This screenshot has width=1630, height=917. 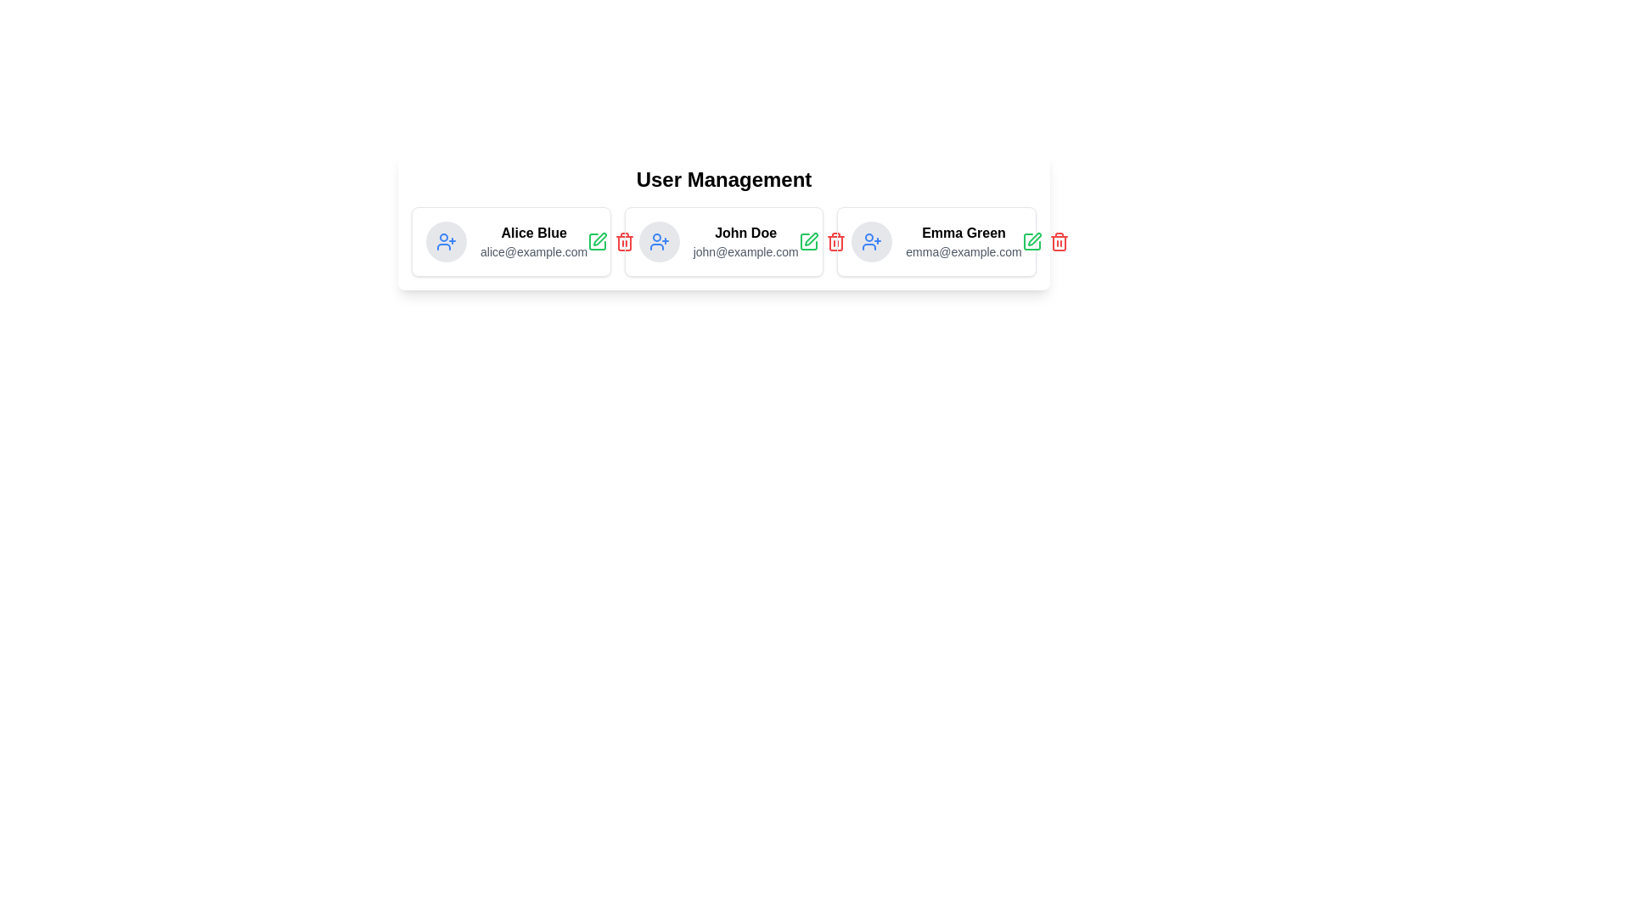 I want to click on the text label indicating the name 'John Doe' in the second user information card, so click(x=745, y=233).